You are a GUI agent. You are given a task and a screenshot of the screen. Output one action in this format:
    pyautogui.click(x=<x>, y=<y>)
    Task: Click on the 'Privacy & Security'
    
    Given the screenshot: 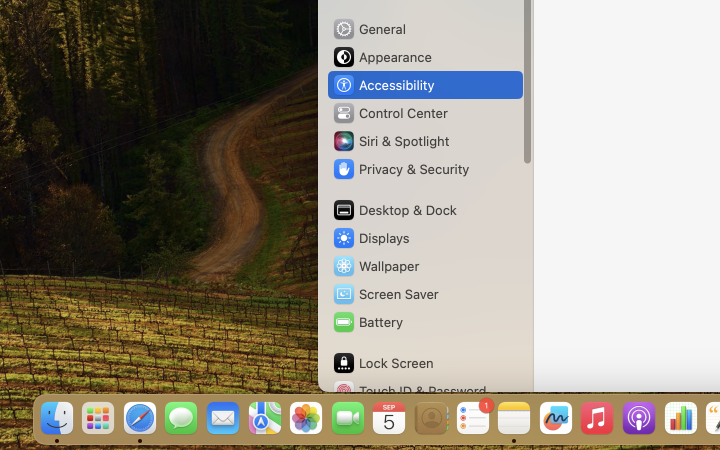 What is the action you would take?
    pyautogui.click(x=400, y=169)
    